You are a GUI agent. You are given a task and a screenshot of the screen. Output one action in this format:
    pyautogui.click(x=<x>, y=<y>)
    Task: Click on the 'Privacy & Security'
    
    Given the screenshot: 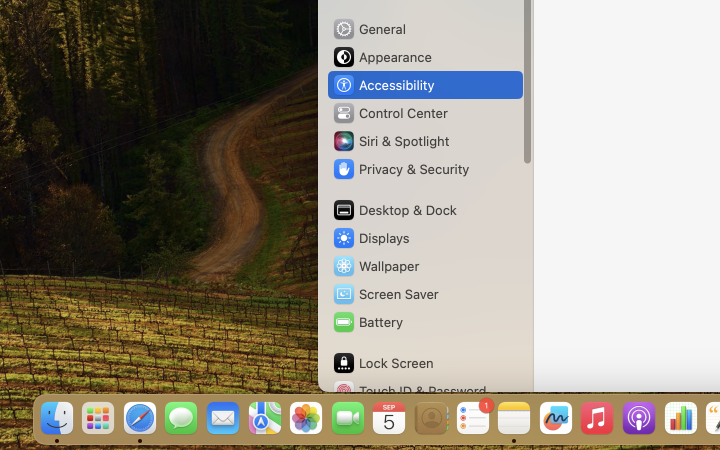 What is the action you would take?
    pyautogui.click(x=400, y=169)
    